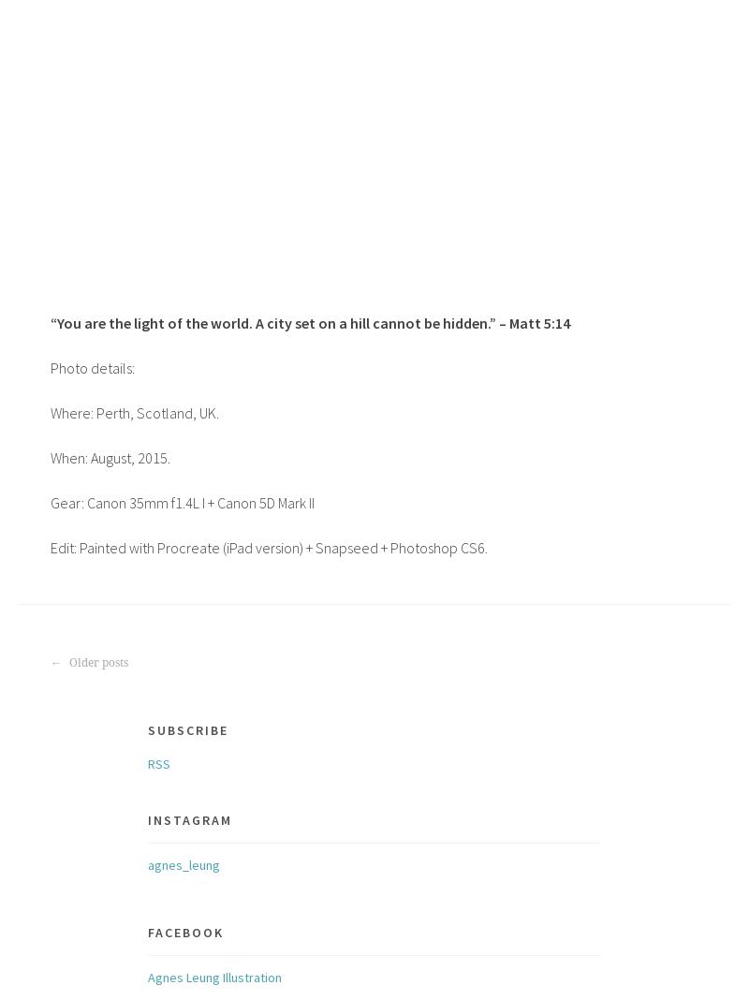 This screenshot has width=749, height=1000. What do you see at coordinates (147, 931) in the screenshot?
I see `'Facebook'` at bounding box center [147, 931].